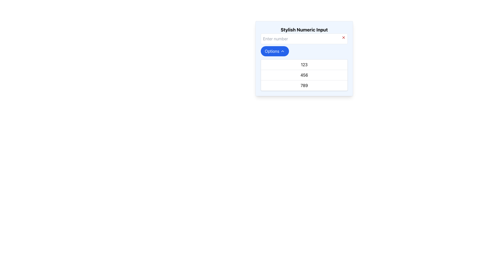  What do you see at coordinates (344, 37) in the screenshot?
I see `the small red 'X' icon button located in the top-right corner of the text input field` at bounding box center [344, 37].